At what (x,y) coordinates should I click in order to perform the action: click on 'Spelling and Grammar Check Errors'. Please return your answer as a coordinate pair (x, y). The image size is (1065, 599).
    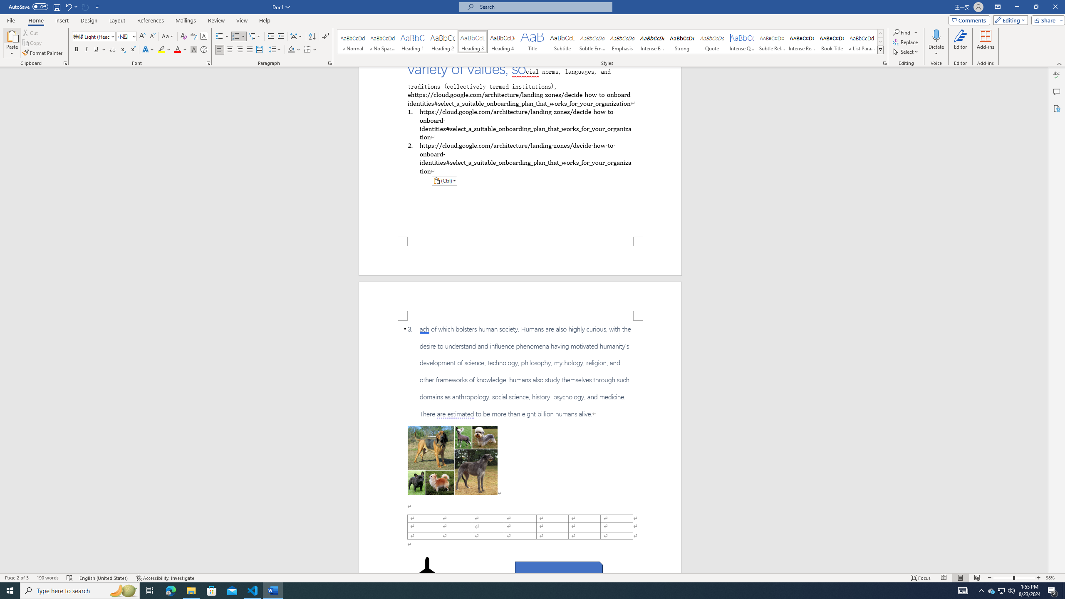
    Looking at the image, I should click on (69, 578).